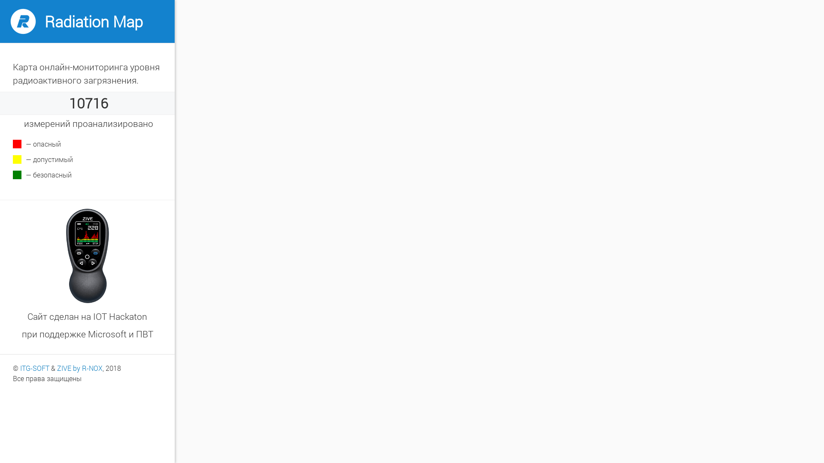 The image size is (824, 463). Describe the element at coordinates (65, 255) in the screenshot. I see `'ZIVE Radioctive Monitor'` at that location.